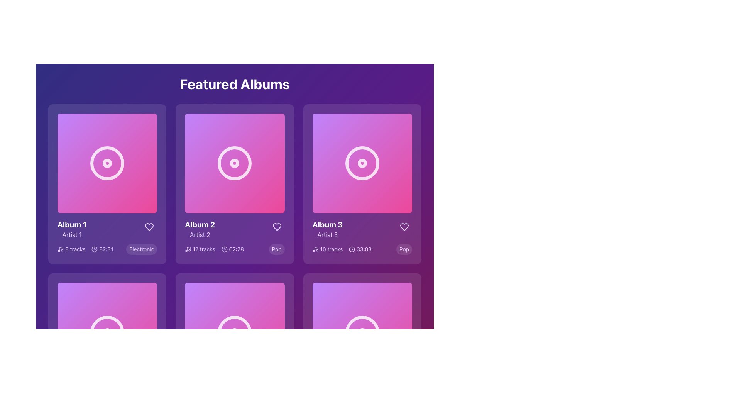  I want to click on the disc icon representing 'Album 1' in the top-left tile of the 'Featured Albums' grid, so click(107, 163).